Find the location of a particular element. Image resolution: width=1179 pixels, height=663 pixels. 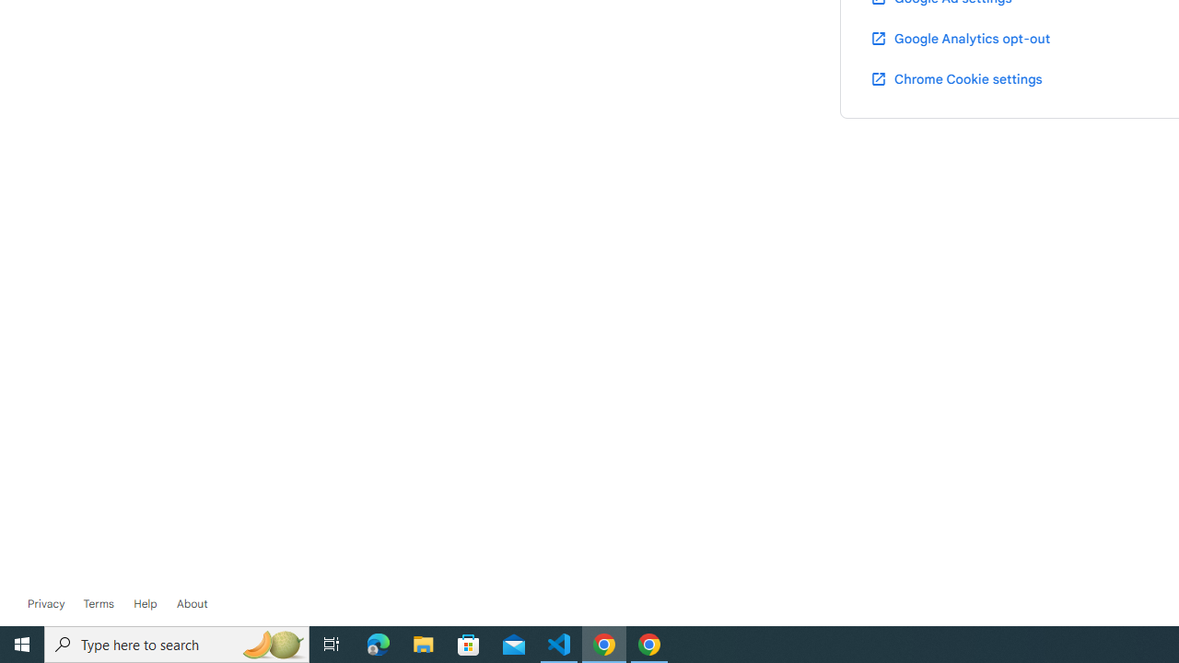

'Terms' is located at coordinates (97, 603).